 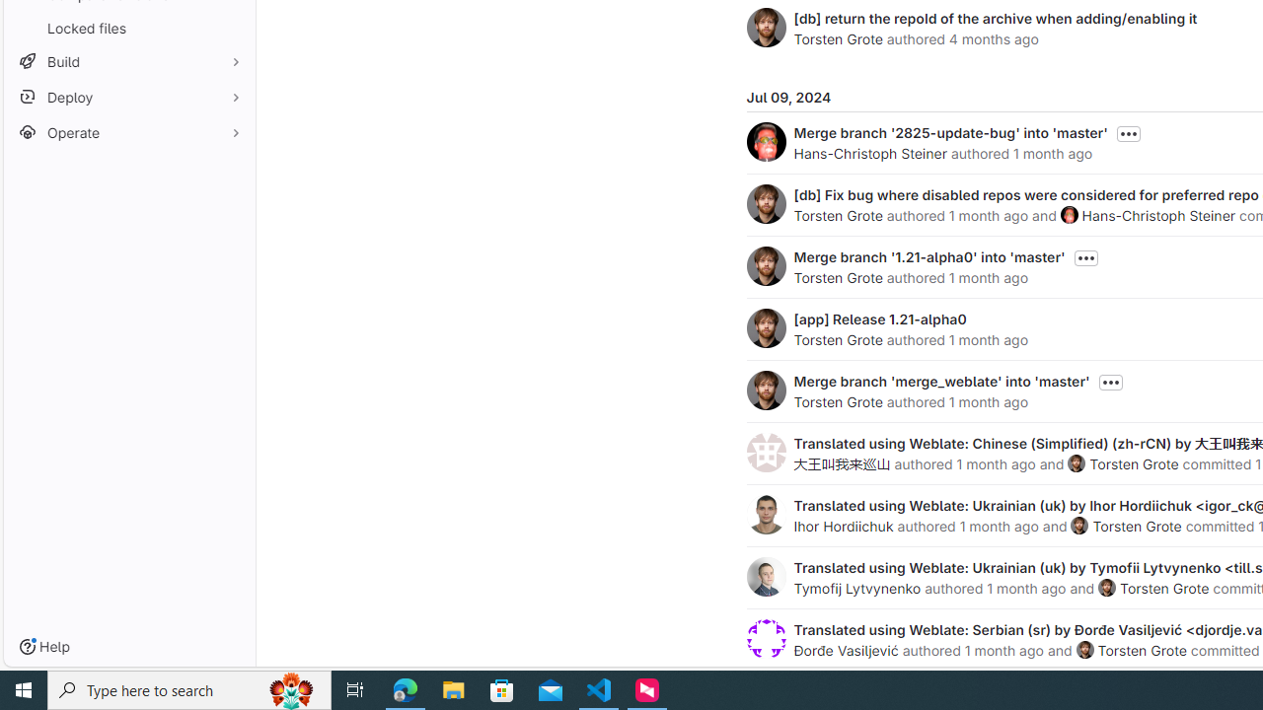 What do you see at coordinates (453, 688) in the screenshot?
I see `'File Explorer'` at bounding box center [453, 688].